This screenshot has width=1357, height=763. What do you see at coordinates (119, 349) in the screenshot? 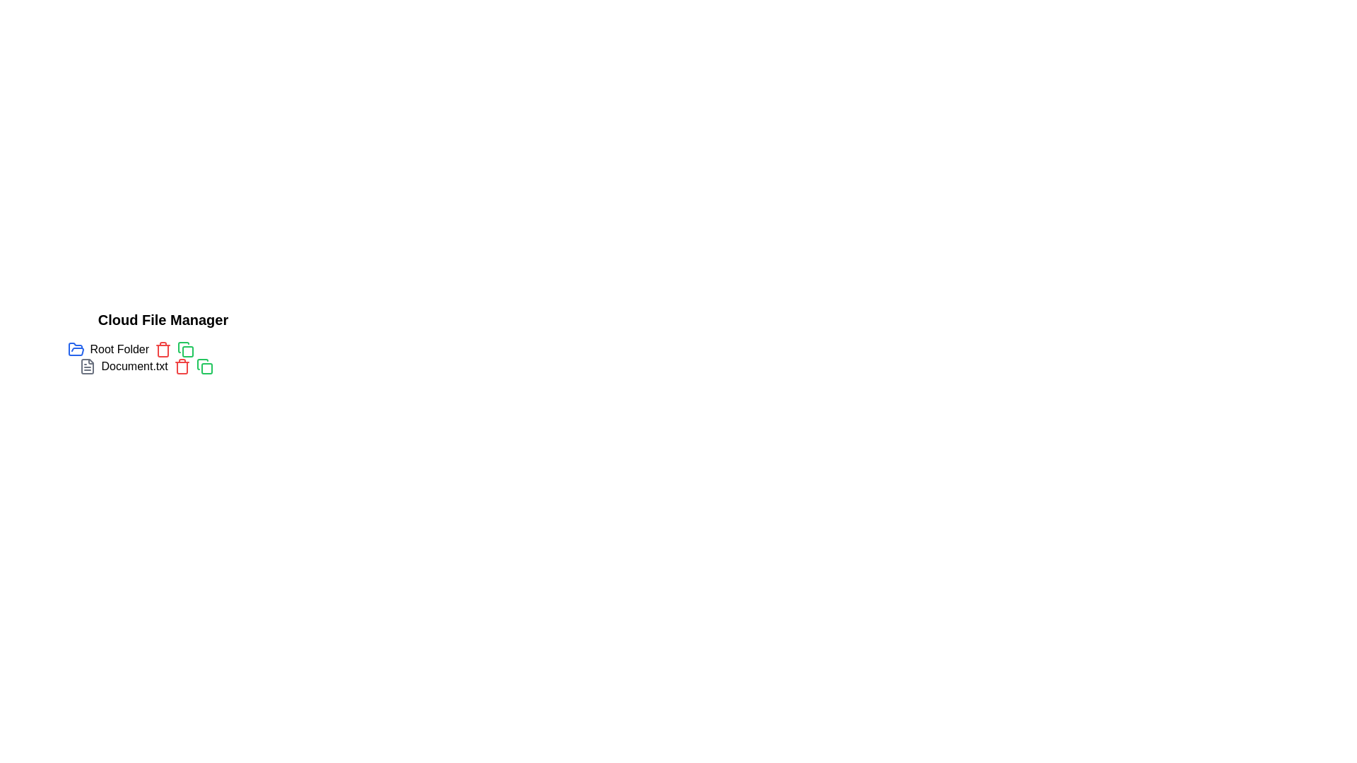
I see `text label 'Root Folder' which is styled in a standard typeface and located next to a blue folder icon` at bounding box center [119, 349].